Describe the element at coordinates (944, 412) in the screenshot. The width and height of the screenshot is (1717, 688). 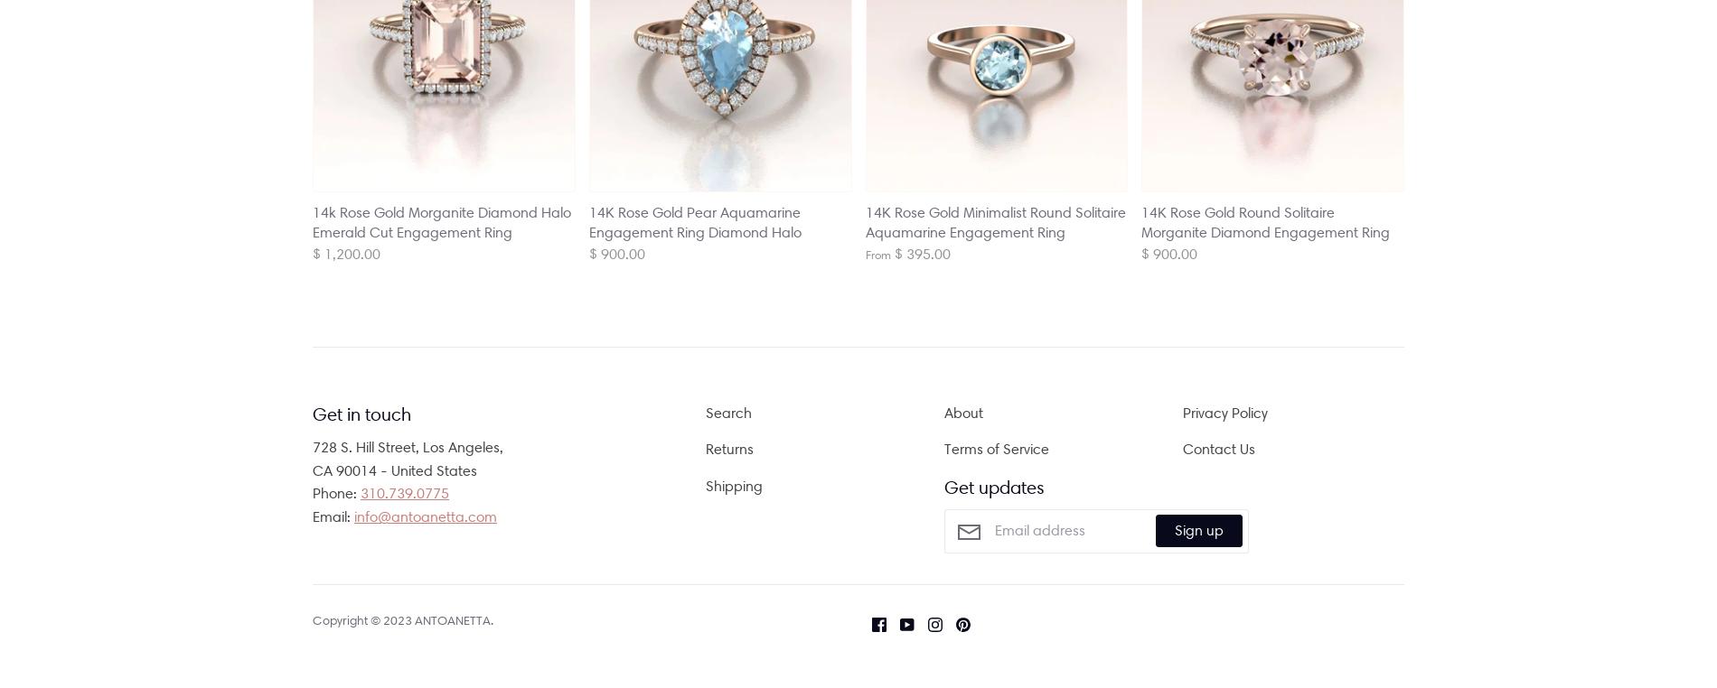
I see `'About'` at that location.